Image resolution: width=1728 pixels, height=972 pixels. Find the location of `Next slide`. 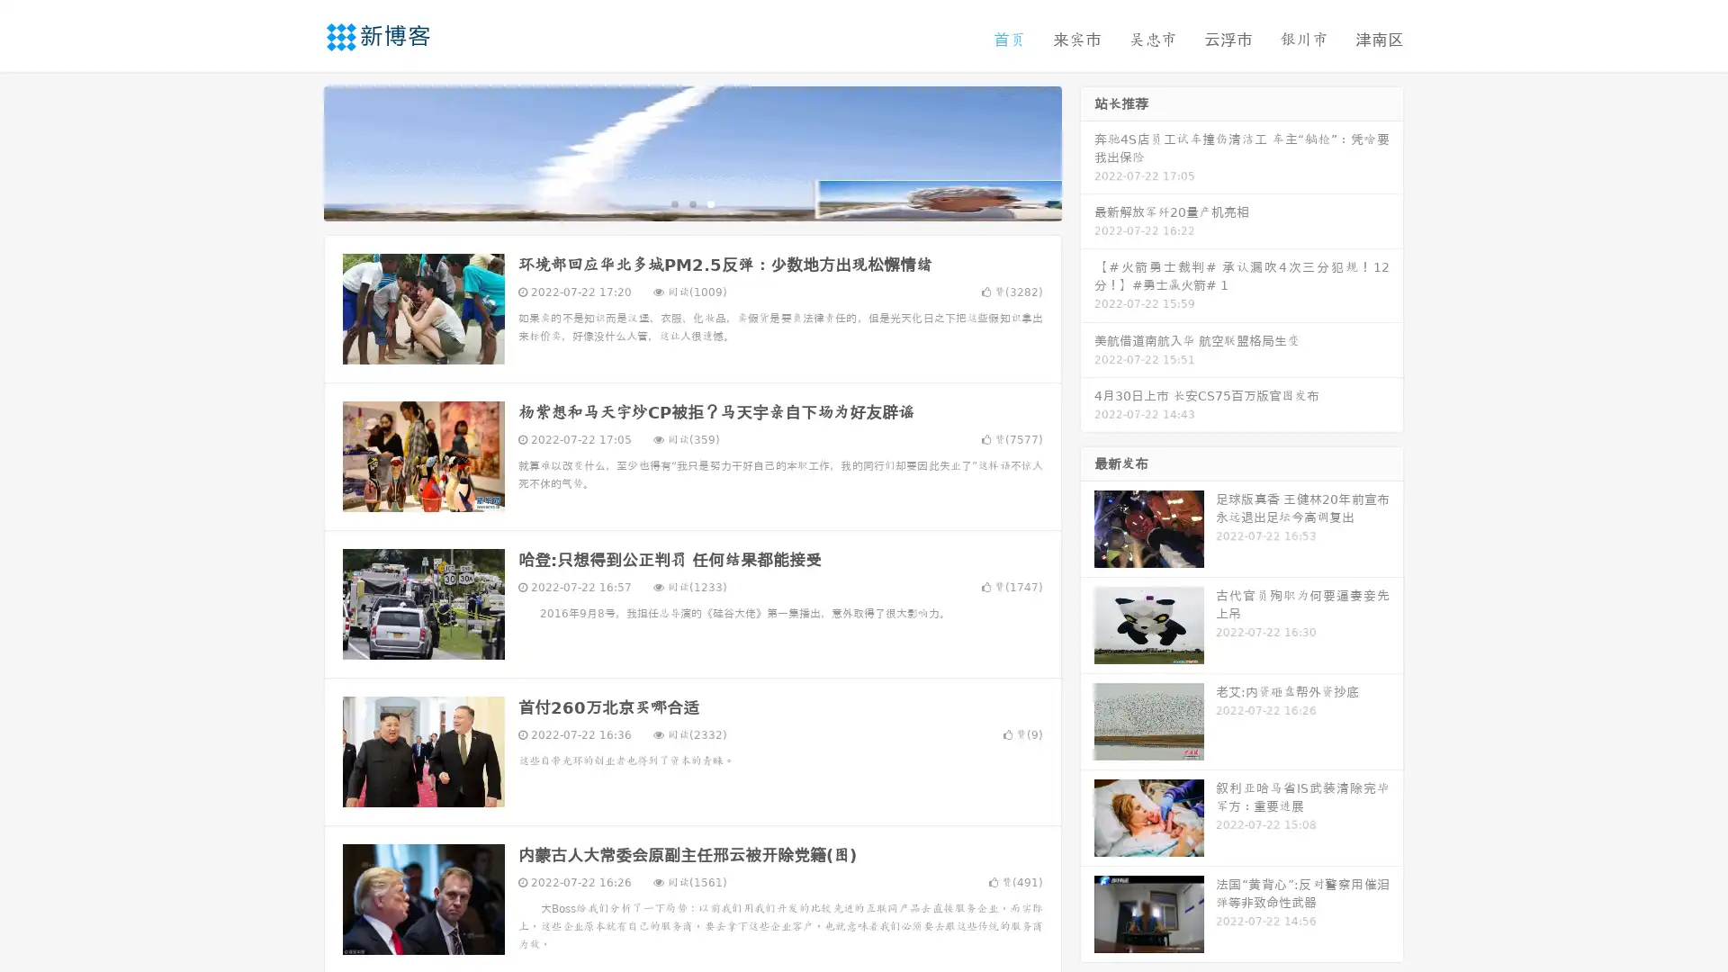

Next slide is located at coordinates (1087, 151).